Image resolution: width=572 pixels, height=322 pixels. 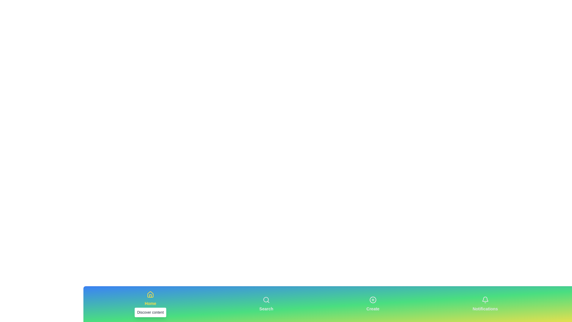 What do you see at coordinates (150, 304) in the screenshot?
I see `the Home tab in the bottom navigation bar` at bounding box center [150, 304].